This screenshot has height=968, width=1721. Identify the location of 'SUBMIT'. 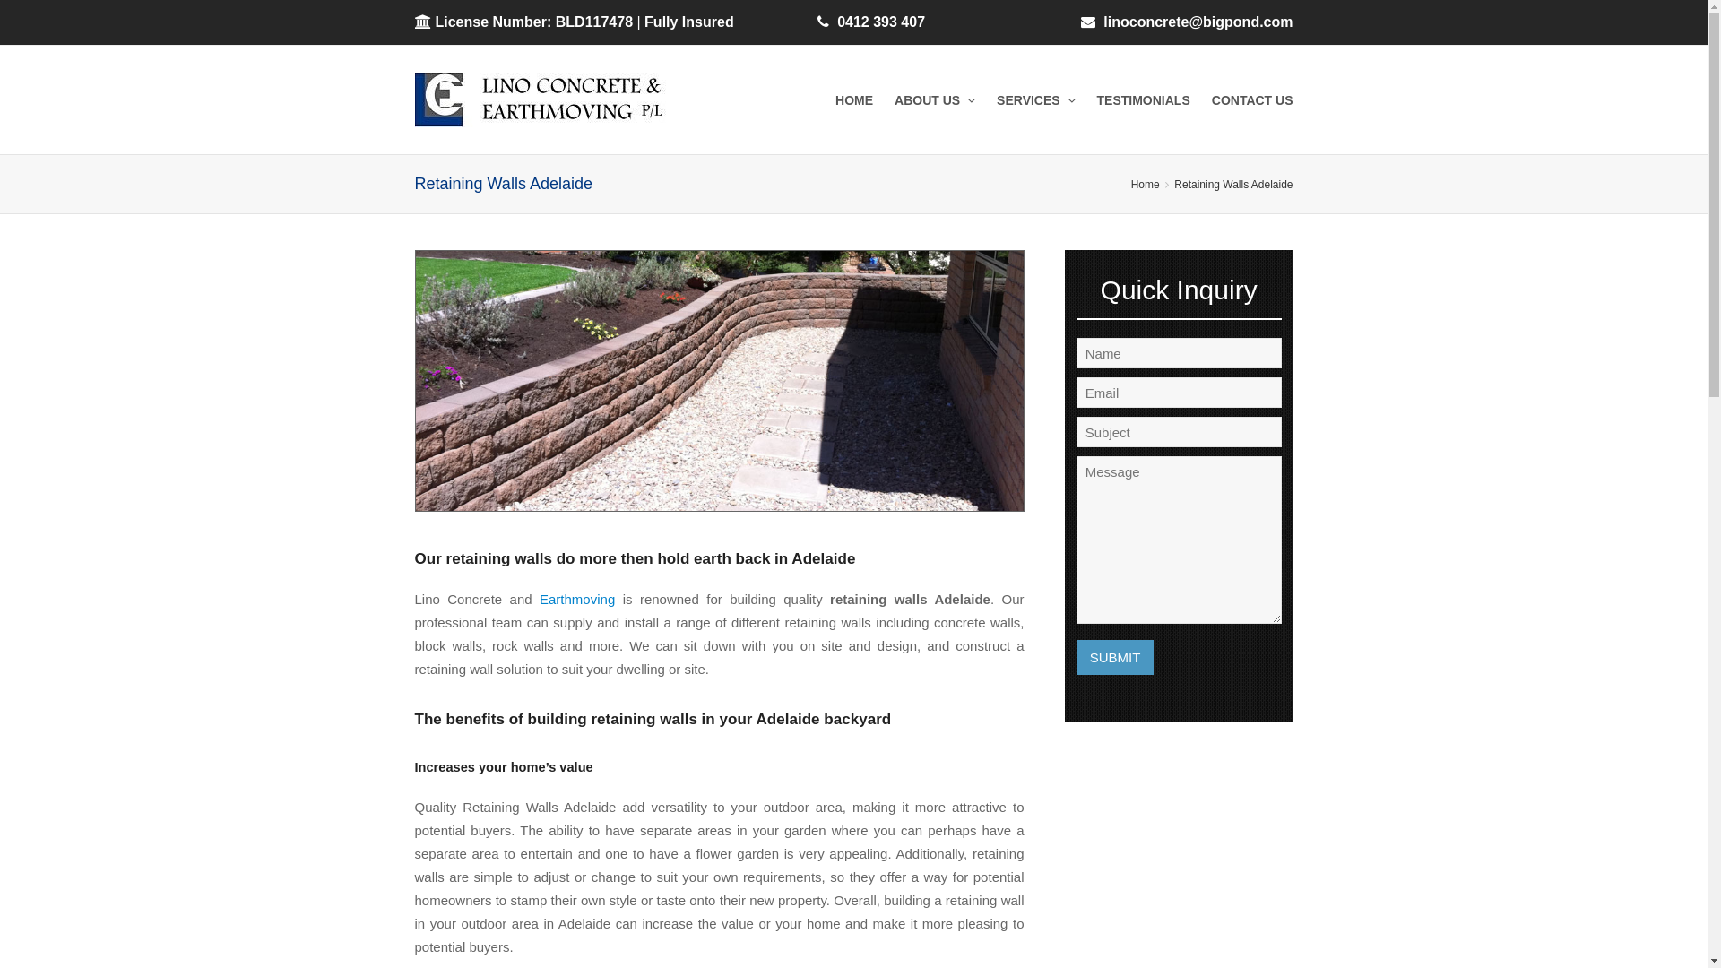
(1114, 657).